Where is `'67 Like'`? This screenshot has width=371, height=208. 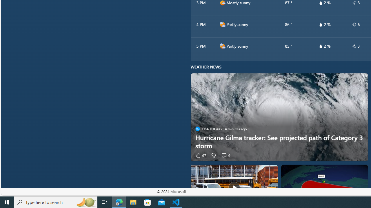 '67 Like' is located at coordinates (201, 155).